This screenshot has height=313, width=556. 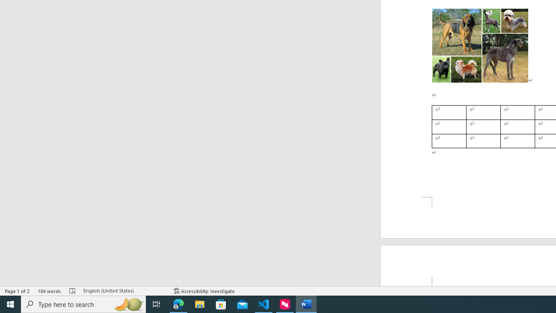 What do you see at coordinates (17, 291) in the screenshot?
I see `'Page Number Page 1 of 2'` at bounding box center [17, 291].